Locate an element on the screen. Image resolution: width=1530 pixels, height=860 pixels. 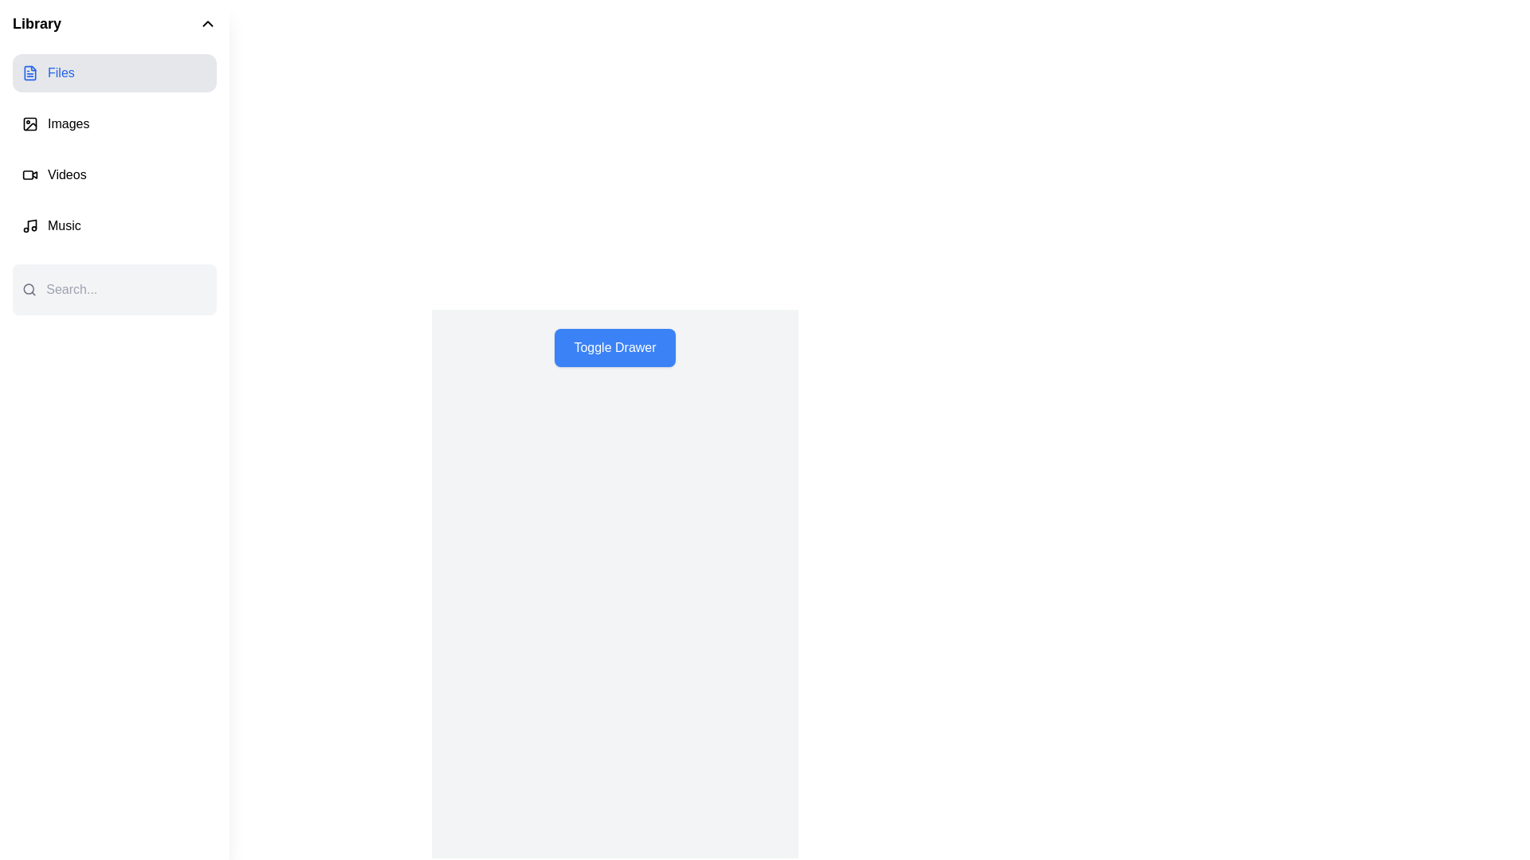
the document icon with a light gray background and blue rounded strokes, located beside the text 'Files' is located at coordinates (30, 73).